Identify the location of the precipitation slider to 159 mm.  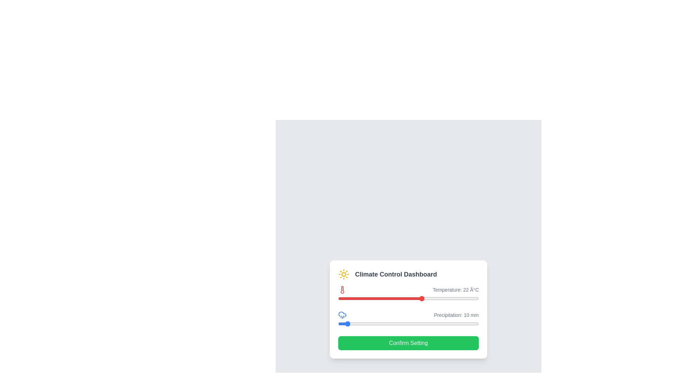
(450, 324).